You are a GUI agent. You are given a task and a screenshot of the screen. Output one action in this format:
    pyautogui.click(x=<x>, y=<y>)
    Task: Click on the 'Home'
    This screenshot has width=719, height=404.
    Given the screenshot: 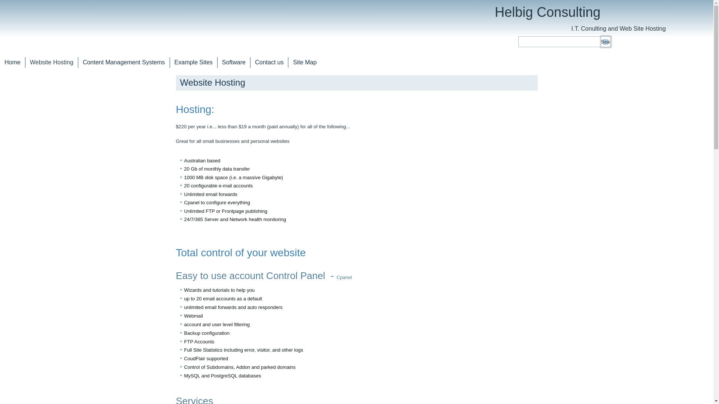 What is the action you would take?
    pyautogui.click(x=12, y=62)
    